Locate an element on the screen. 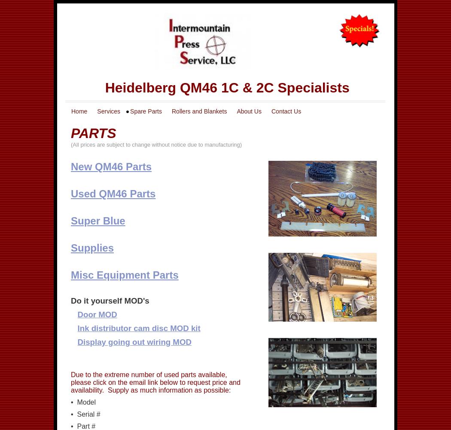 The image size is (451, 430). 'Misc Equipment Parts' is located at coordinates (70, 274).